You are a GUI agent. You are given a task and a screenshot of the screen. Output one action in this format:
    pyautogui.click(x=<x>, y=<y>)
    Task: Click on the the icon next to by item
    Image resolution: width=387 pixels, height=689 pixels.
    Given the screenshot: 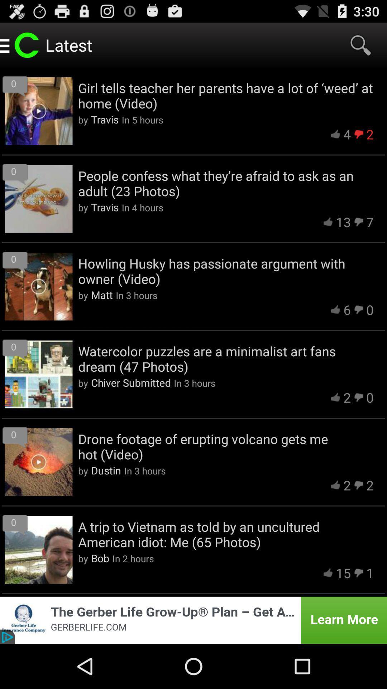 What is the action you would take?
    pyautogui.click(x=106, y=470)
    